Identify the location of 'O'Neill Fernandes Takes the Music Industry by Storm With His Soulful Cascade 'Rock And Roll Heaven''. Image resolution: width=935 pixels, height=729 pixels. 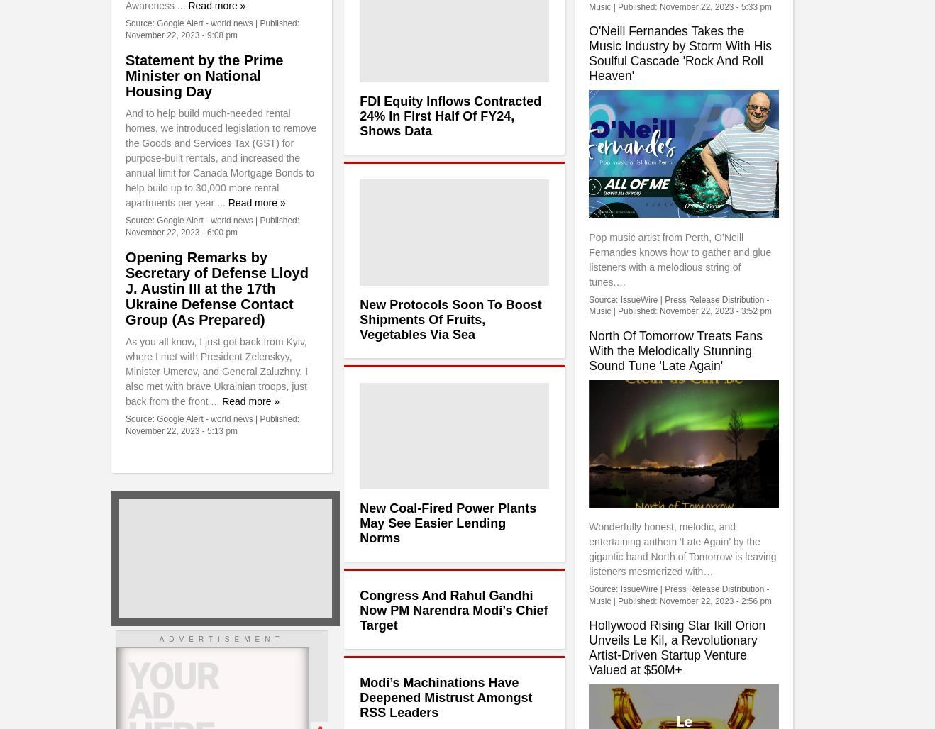
(679, 52).